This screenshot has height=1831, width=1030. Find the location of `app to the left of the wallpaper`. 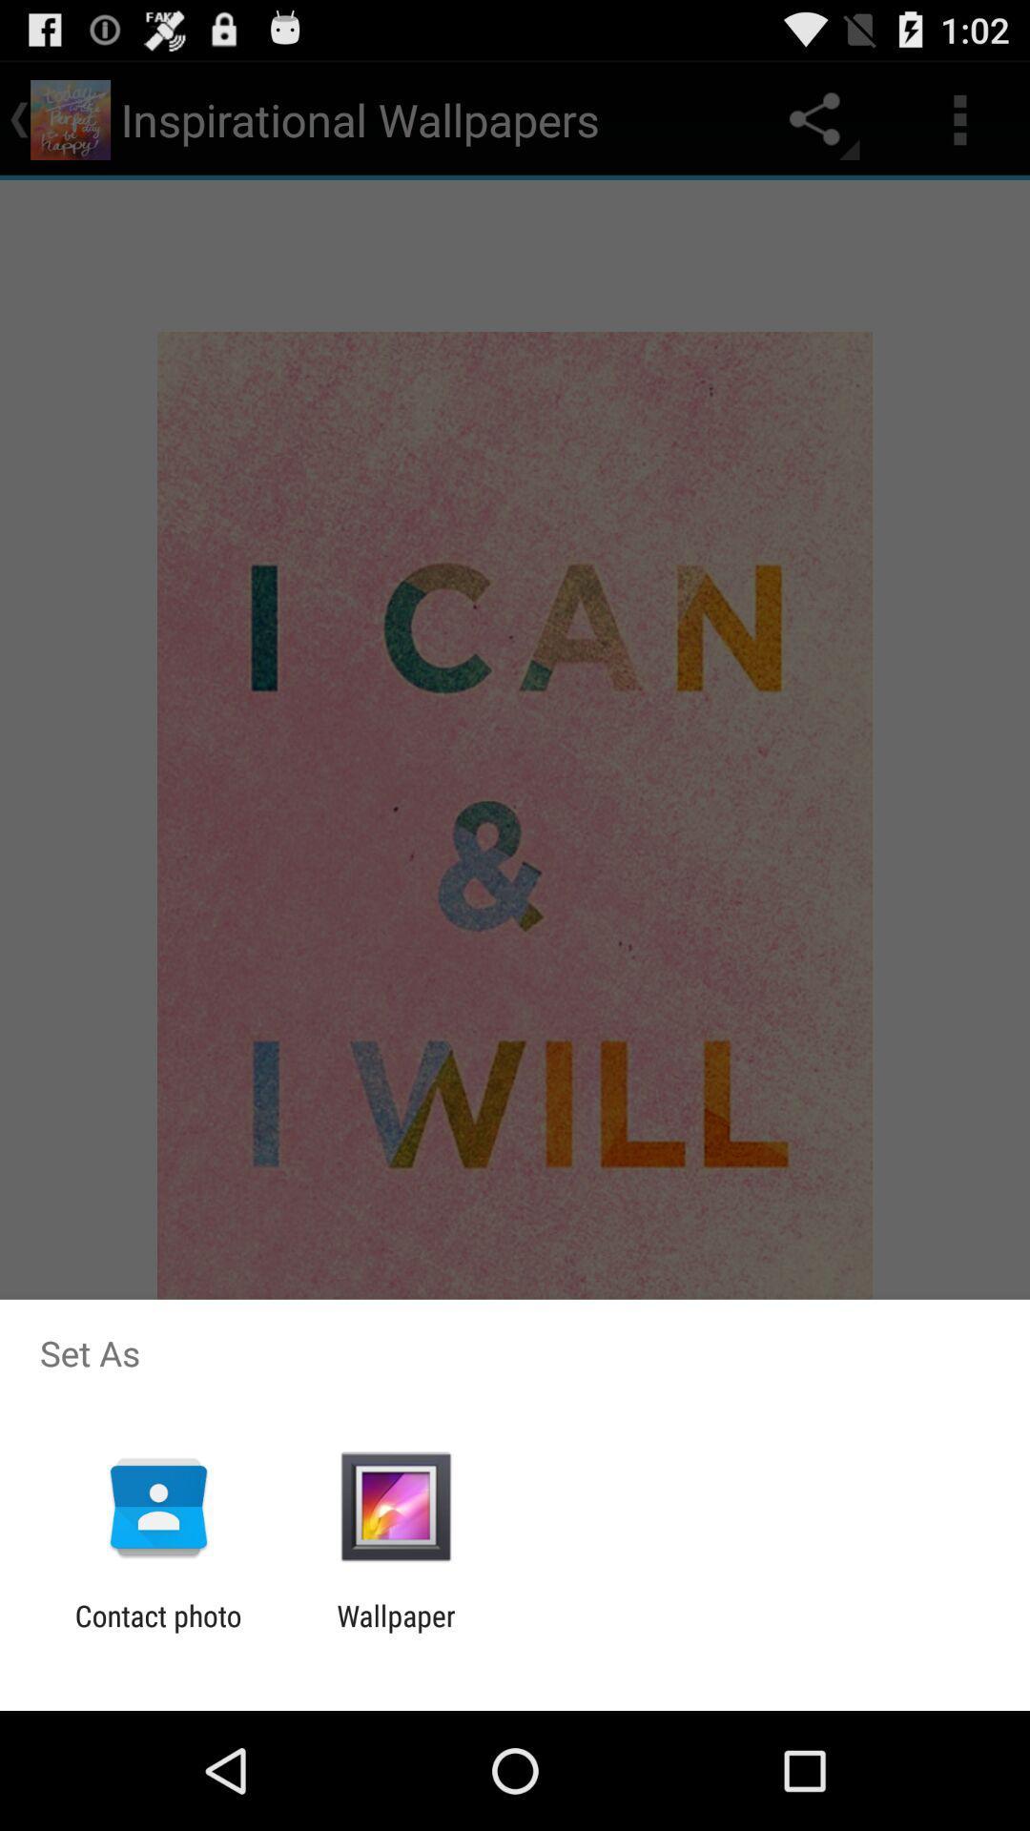

app to the left of the wallpaper is located at coordinates (157, 1632).